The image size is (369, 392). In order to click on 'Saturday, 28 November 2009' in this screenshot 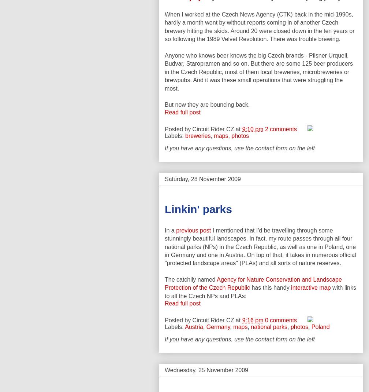, I will do `click(202, 178)`.